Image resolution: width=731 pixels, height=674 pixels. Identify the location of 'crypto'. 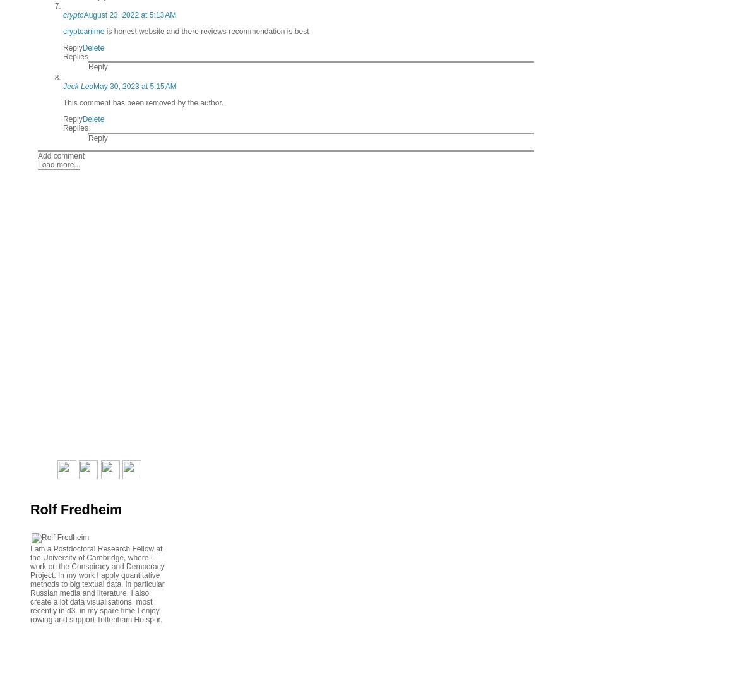
(73, 15).